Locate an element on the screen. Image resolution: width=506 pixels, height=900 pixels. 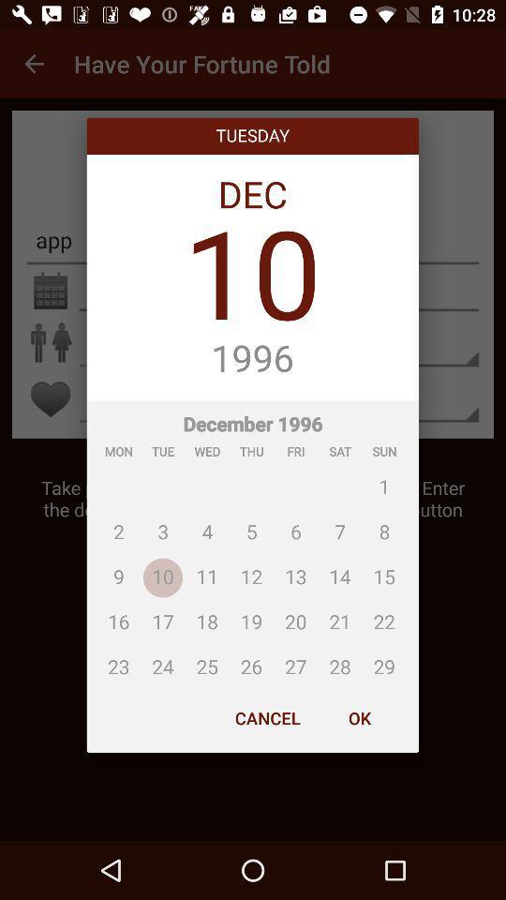
the item next to the cancel is located at coordinates (359, 717).